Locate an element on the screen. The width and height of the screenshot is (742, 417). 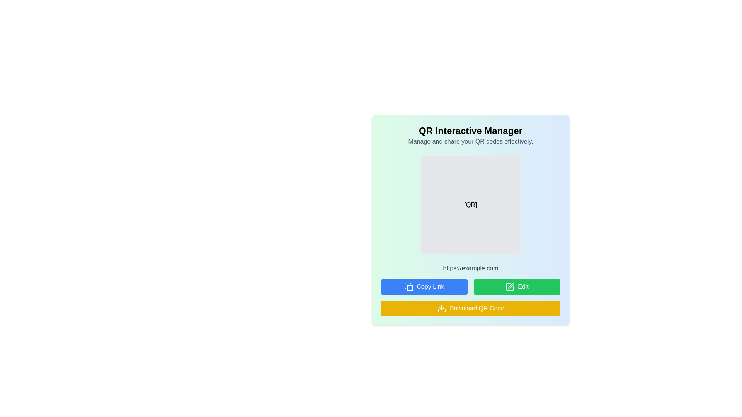
the 'Edit' icon which is positioned inside the green button at the bottom of the central card in the UI is located at coordinates (510, 287).